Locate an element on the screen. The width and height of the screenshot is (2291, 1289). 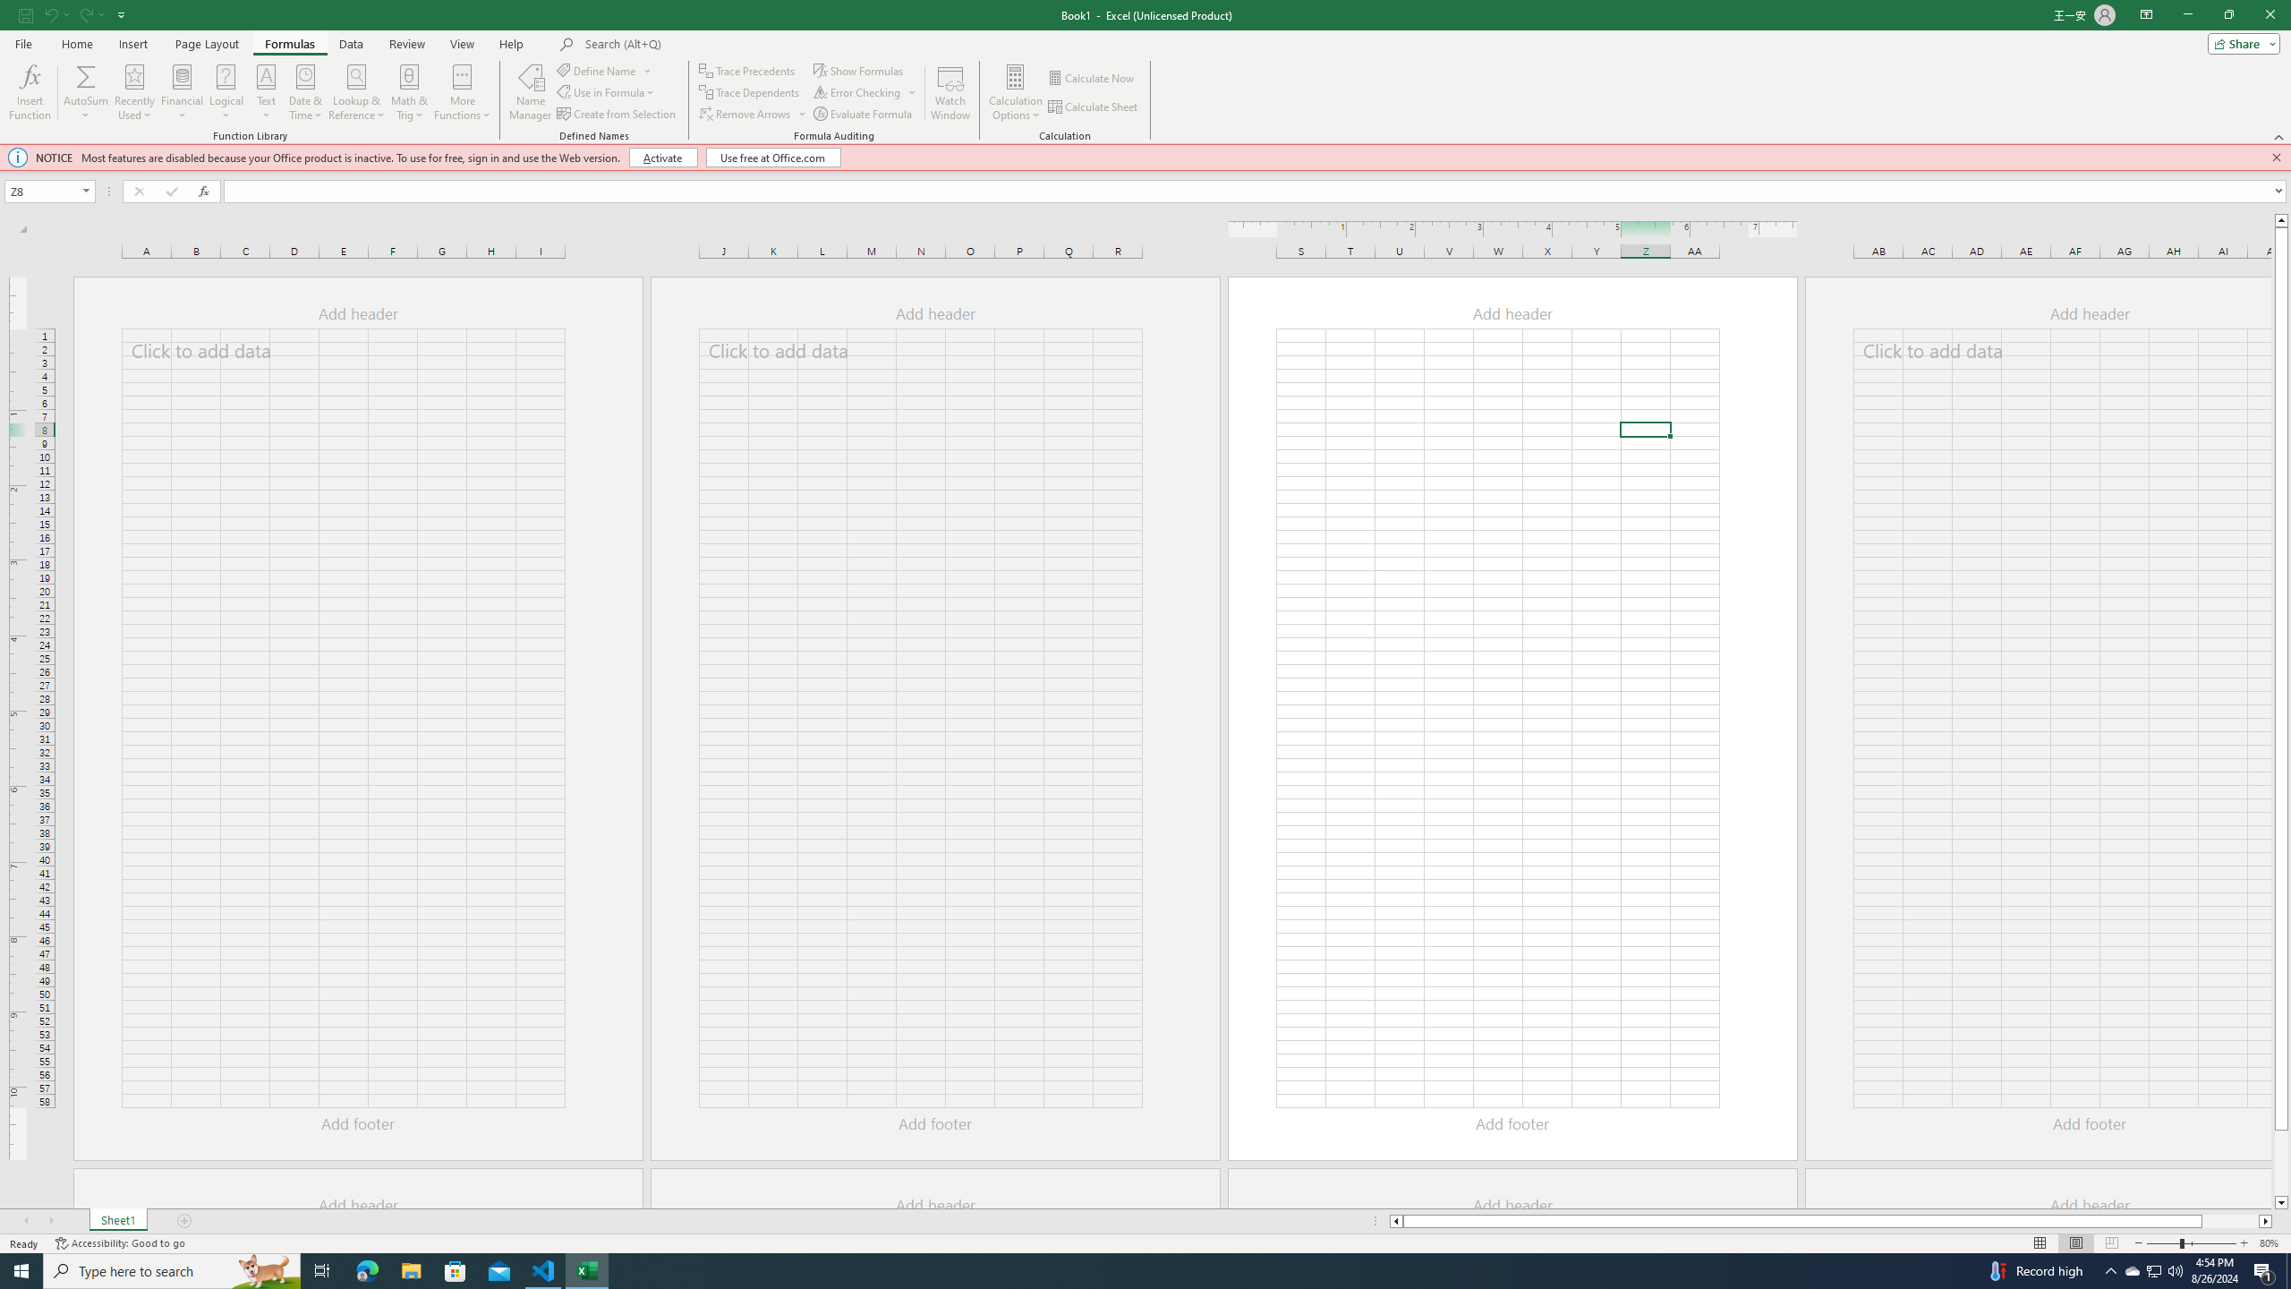
'Calculate Sheet' is located at coordinates (1094, 106).